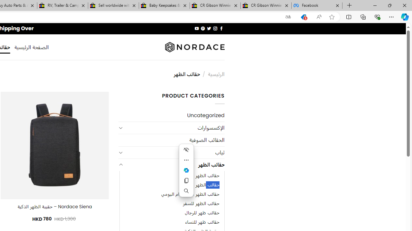 This screenshot has height=231, width=412. I want to click on 'Follow on Facebook', so click(221, 28).